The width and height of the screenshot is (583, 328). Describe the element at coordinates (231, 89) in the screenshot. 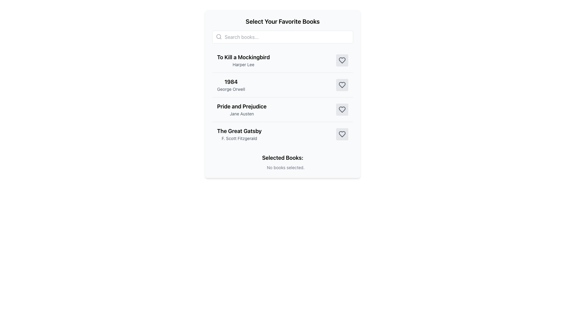

I see `the text label that displays the author 'George Orwell' associated with the book '1984', located directly below the book title in the list` at that location.